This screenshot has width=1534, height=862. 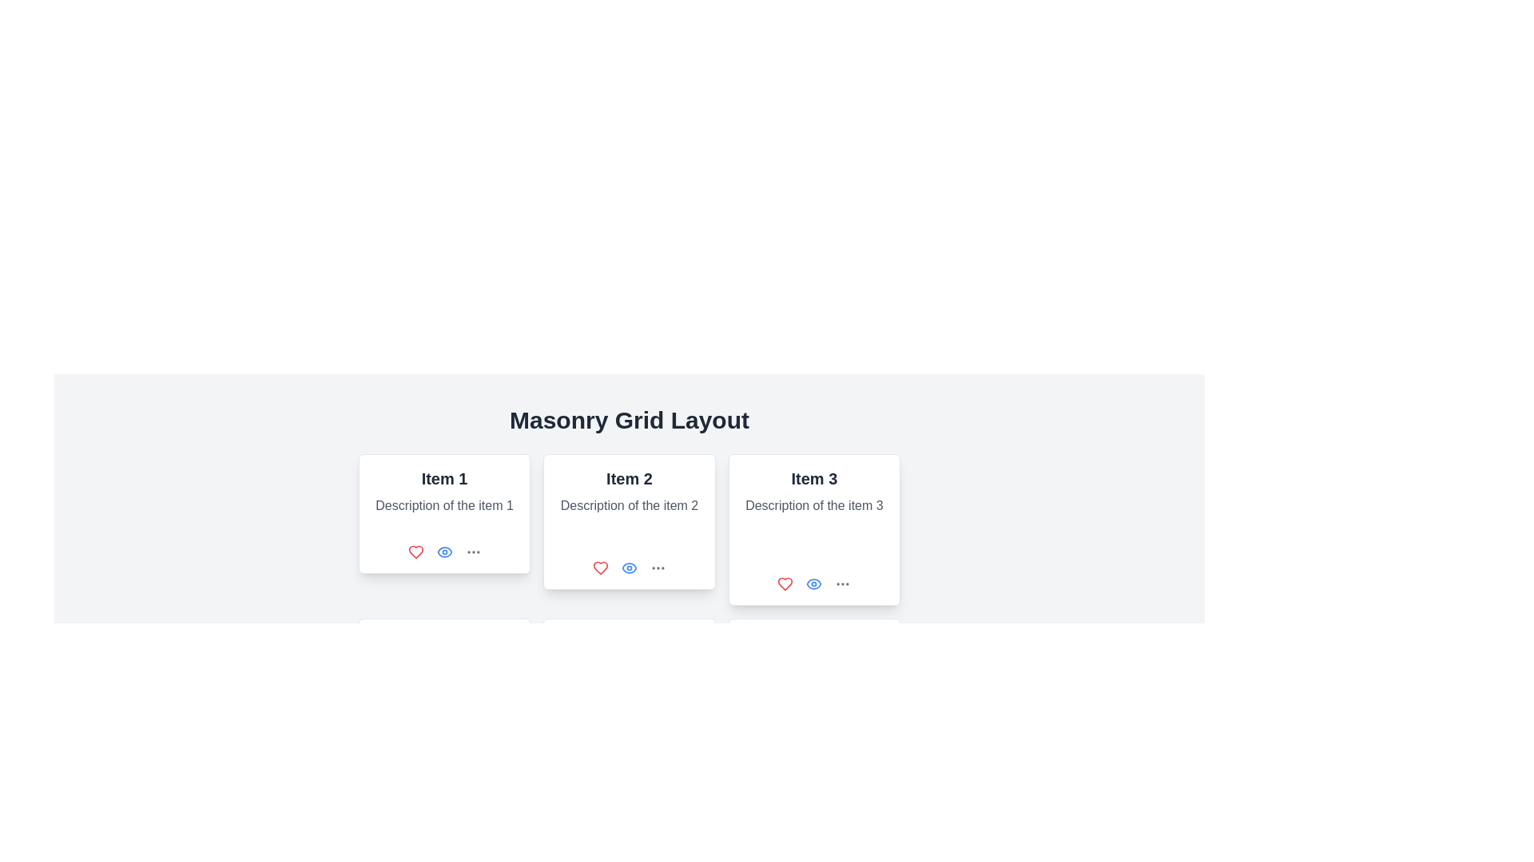 I want to click on the text content displaying 'Description of the item 2', which is located within the card layout of 'Item 2', so click(x=628, y=505).